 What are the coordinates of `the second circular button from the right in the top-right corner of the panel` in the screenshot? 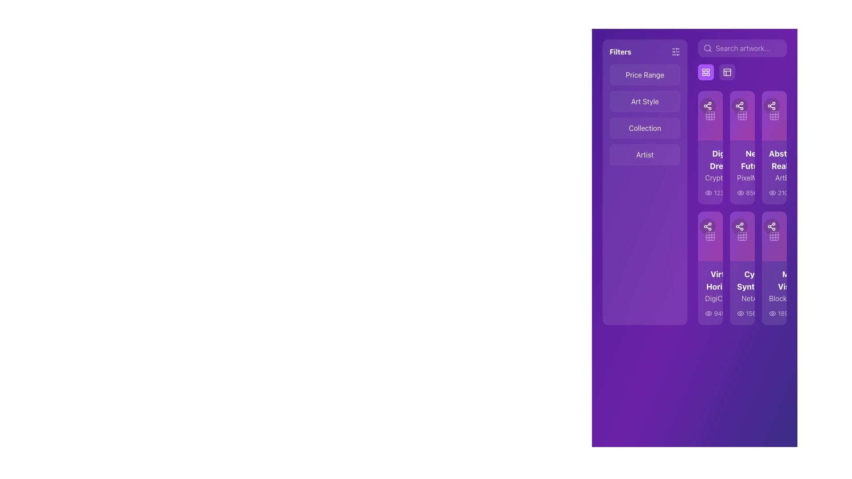 It's located at (771, 106).